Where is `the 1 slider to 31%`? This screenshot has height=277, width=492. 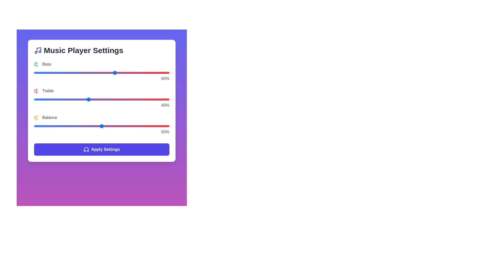 the 1 slider to 31% is located at coordinates (76, 100).